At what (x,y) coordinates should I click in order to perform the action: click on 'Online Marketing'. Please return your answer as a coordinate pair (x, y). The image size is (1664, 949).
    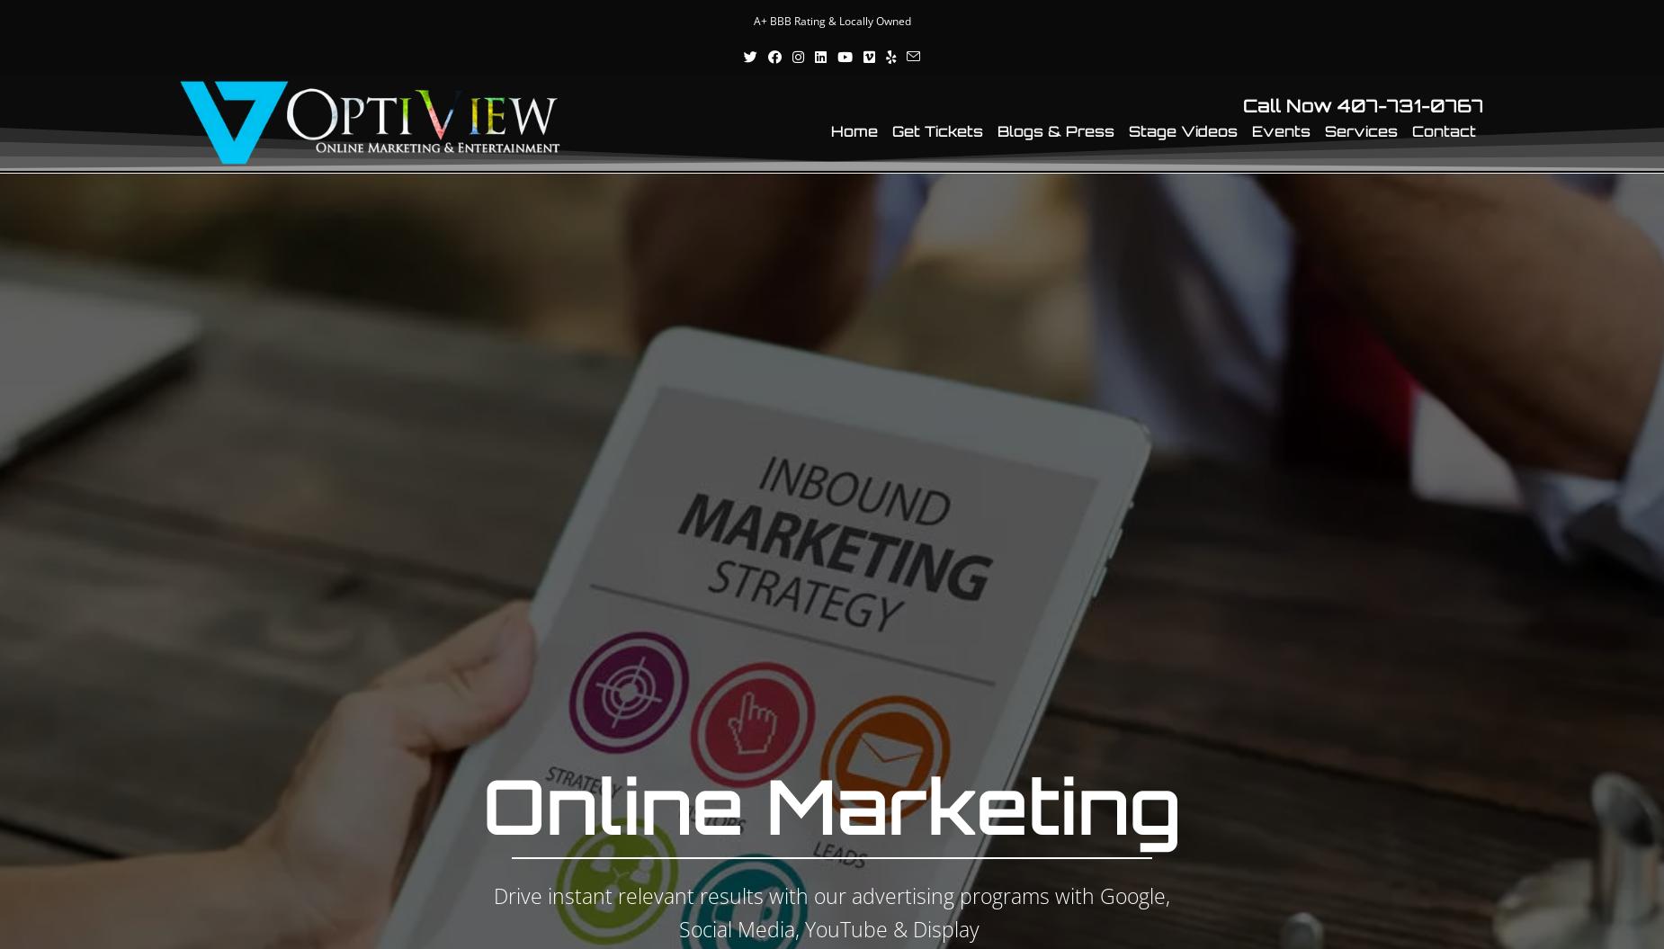
    Looking at the image, I should click on (832, 803).